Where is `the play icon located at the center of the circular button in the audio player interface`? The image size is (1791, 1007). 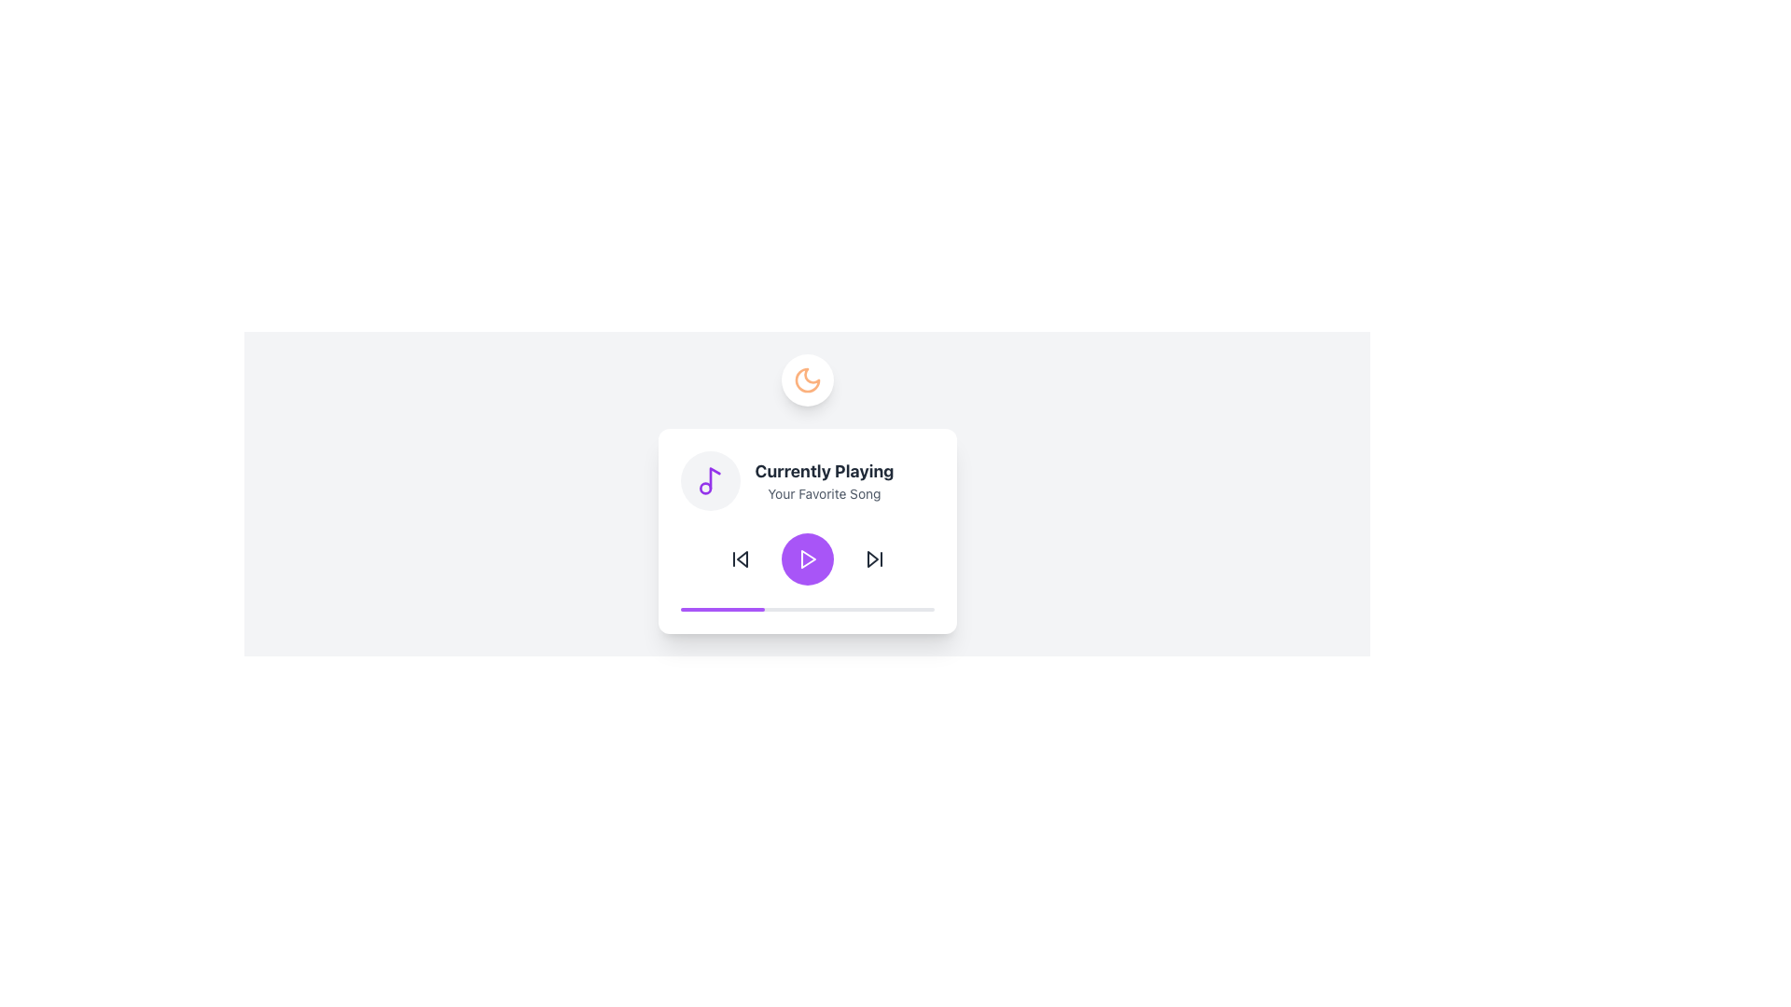 the play icon located at the center of the circular button in the audio player interface is located at coordinates (807, 559).